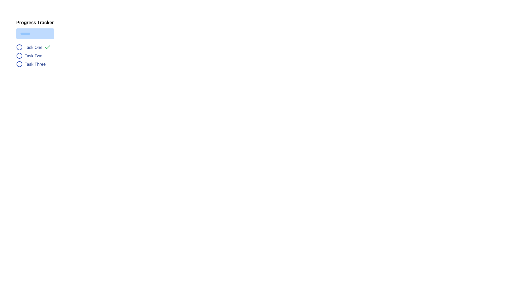 The height and width of the screenshot is (284, 505). I want to click on the non-interactive text label representing the third task in the 'Progress Tracker' task list, so click(35, 64).